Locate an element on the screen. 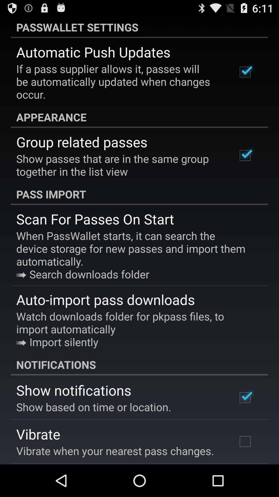  the if a pass is located at coordinates (120, 81).